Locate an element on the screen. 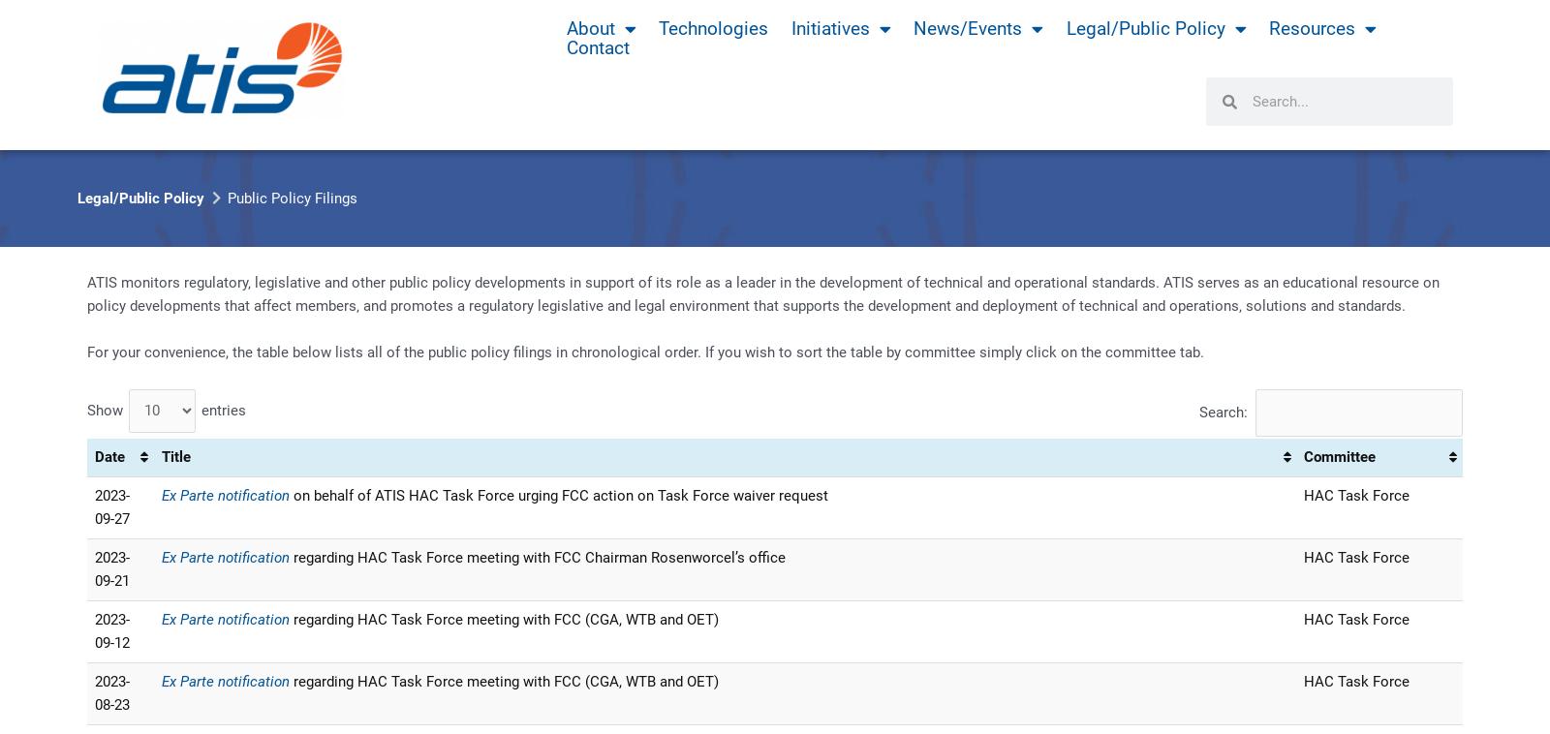 The height and width of the screenshot is (734, 1550). 'Public Policy Filings' is located at coordinates (293, 198).